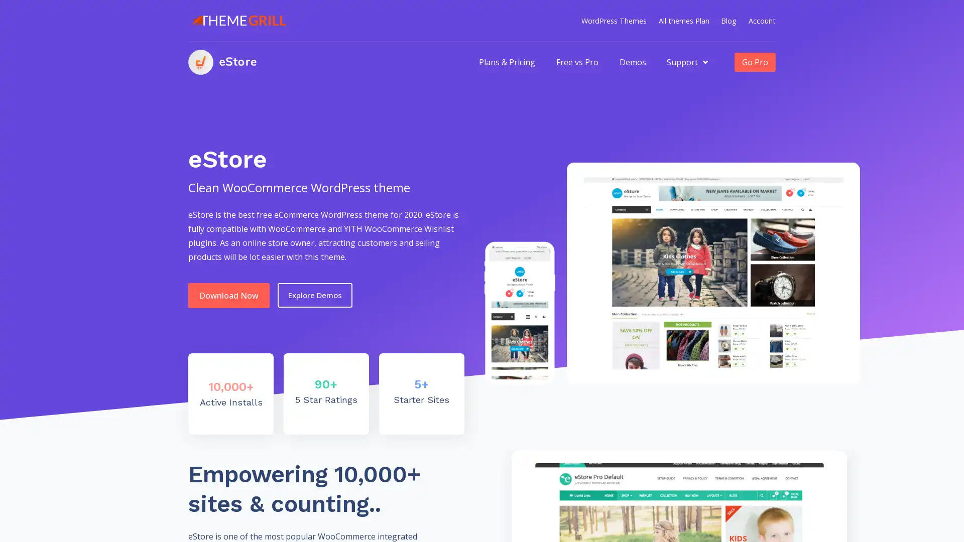 The width and height of the screenshot is (964, 542). What do you see at coordinates (228, 294) in the screenshot?
I see `Download Now` at bounding box center [228, 294].